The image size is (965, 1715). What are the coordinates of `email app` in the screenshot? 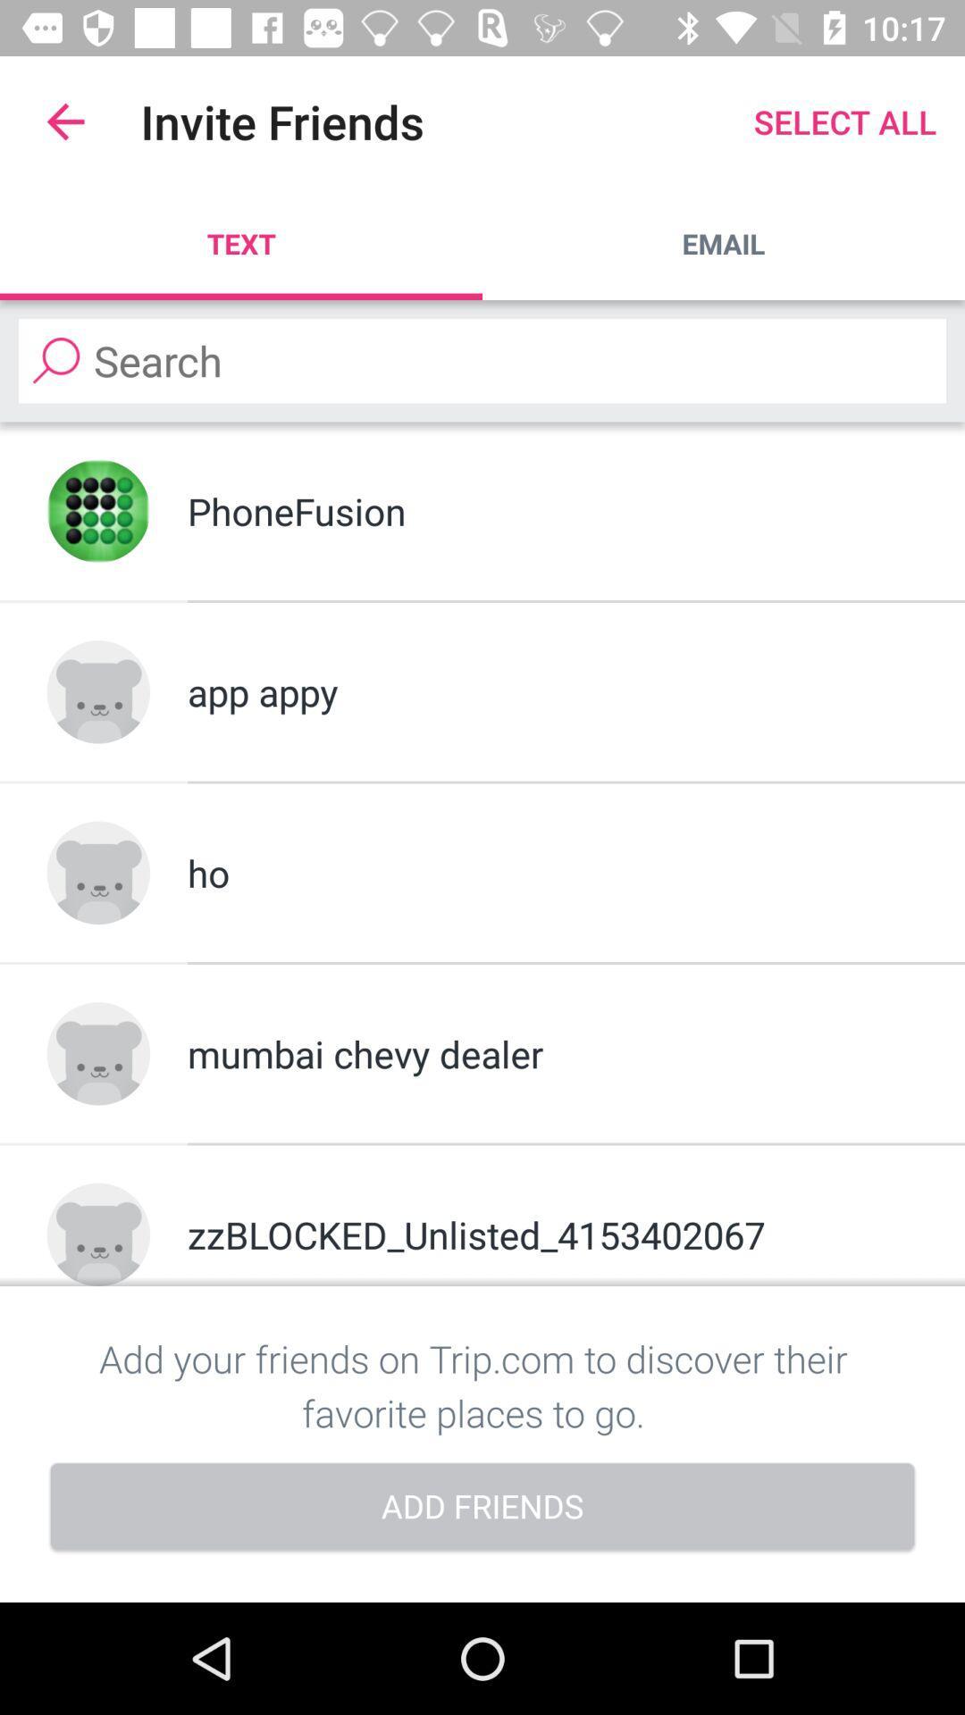 It's located at (724, 243).